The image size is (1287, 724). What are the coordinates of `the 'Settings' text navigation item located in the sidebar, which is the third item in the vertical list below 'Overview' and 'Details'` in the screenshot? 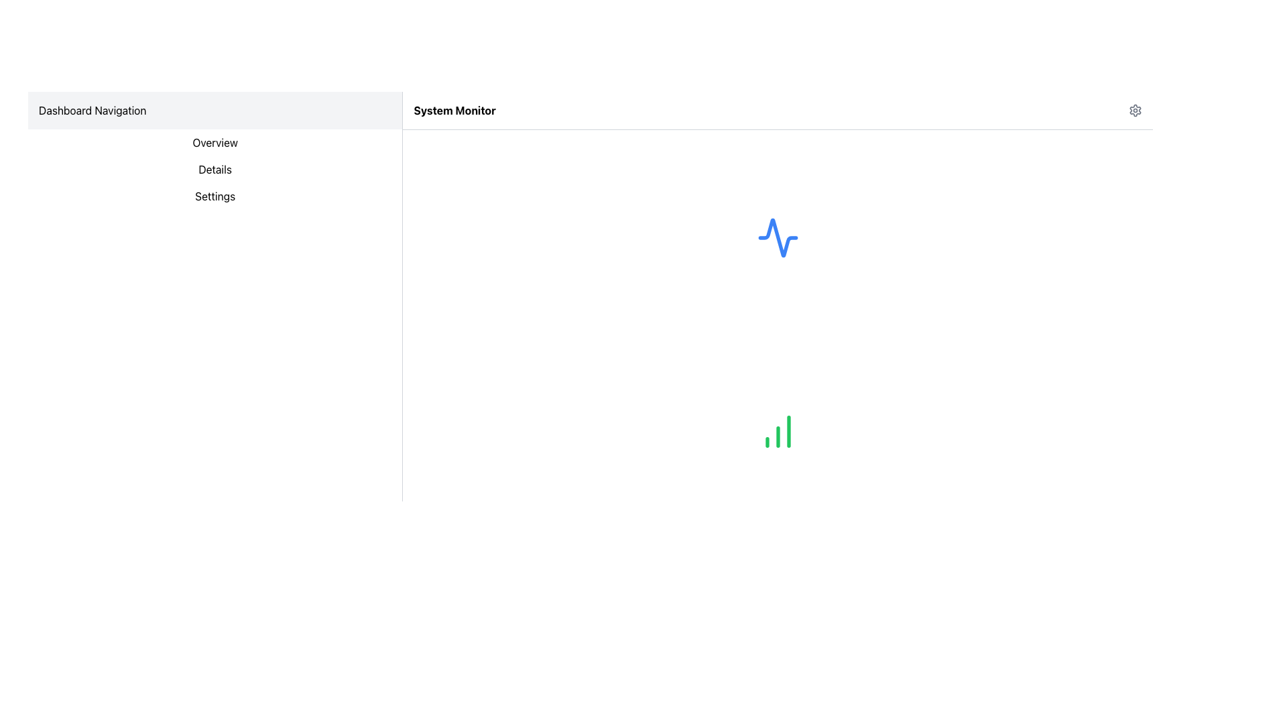 It's located at (215, 196).